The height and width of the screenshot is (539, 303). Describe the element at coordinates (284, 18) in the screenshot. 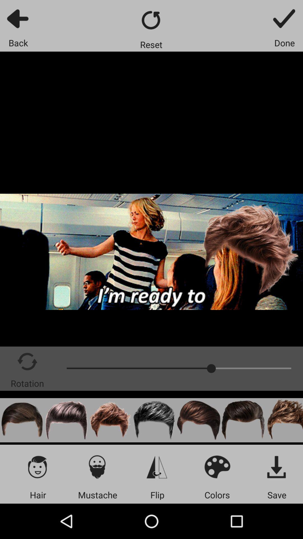

I see `done with task` at that location.